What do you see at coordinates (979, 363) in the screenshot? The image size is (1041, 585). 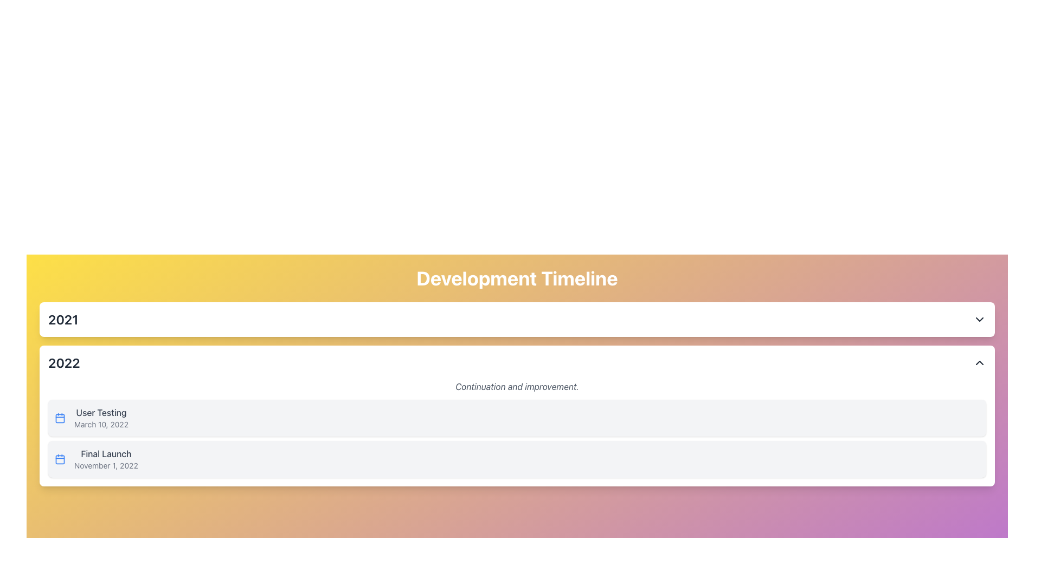 I see `the chevron icon button located at the far right of the '2022' text` at bounding box center [979, 363].